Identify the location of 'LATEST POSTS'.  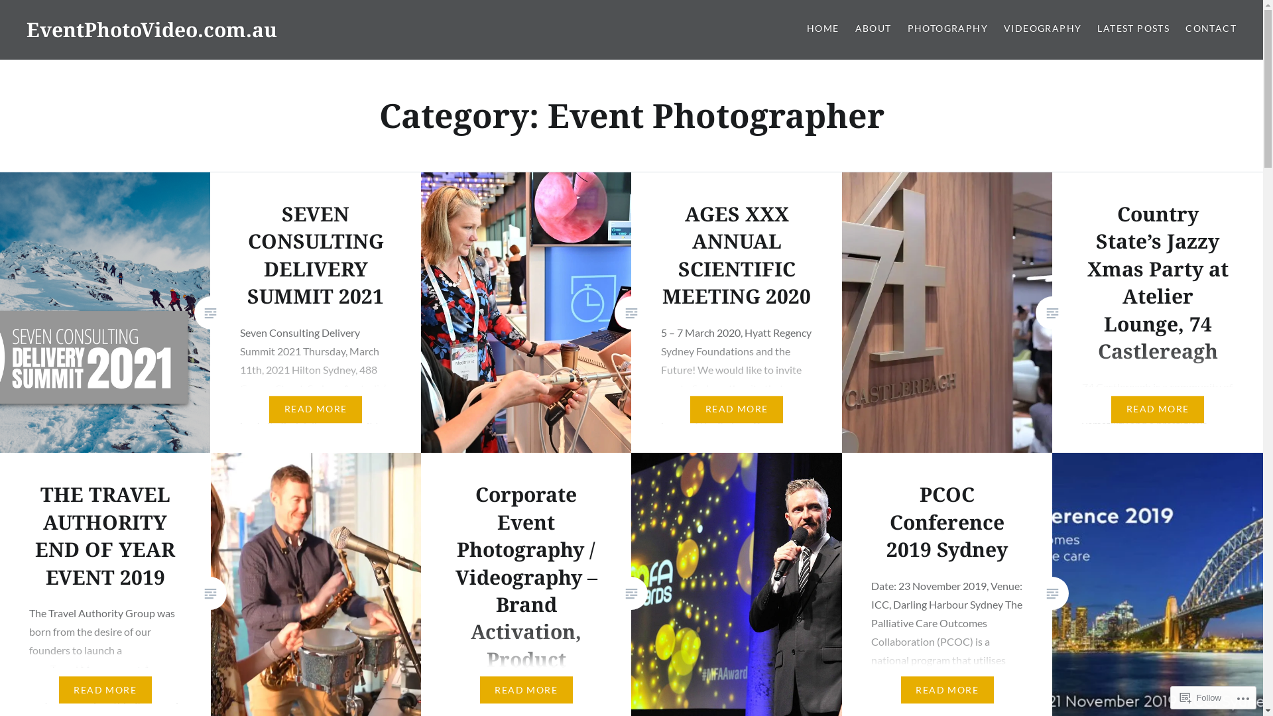
(1132, 29).